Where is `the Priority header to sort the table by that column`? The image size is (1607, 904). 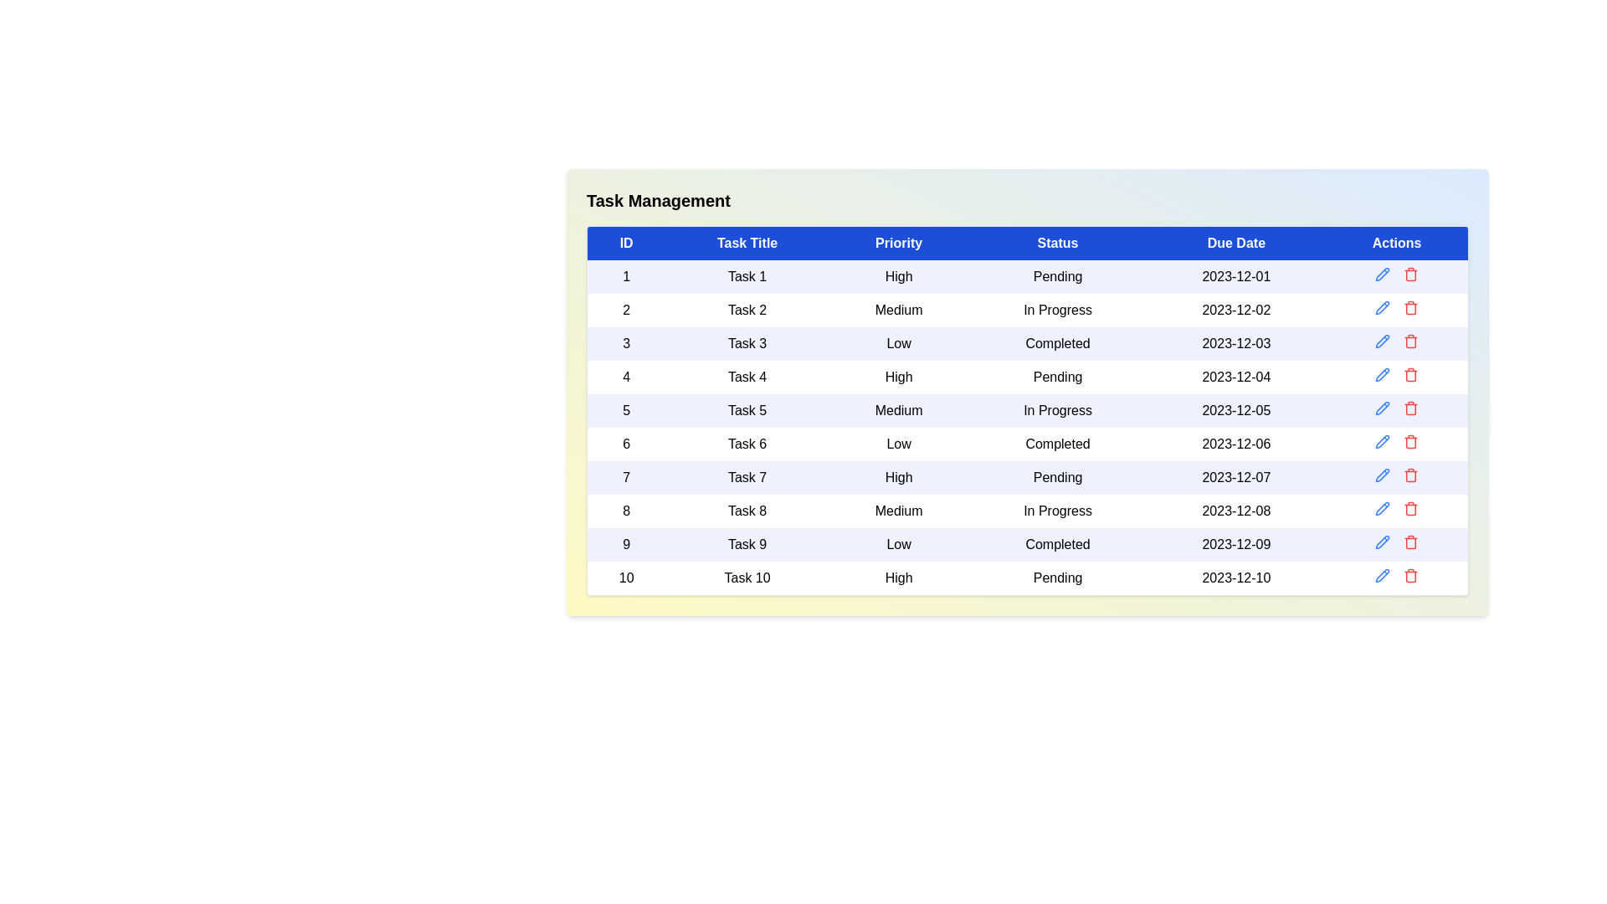
the Priority header to sort the table by that column is located at coordinates (898, 243).